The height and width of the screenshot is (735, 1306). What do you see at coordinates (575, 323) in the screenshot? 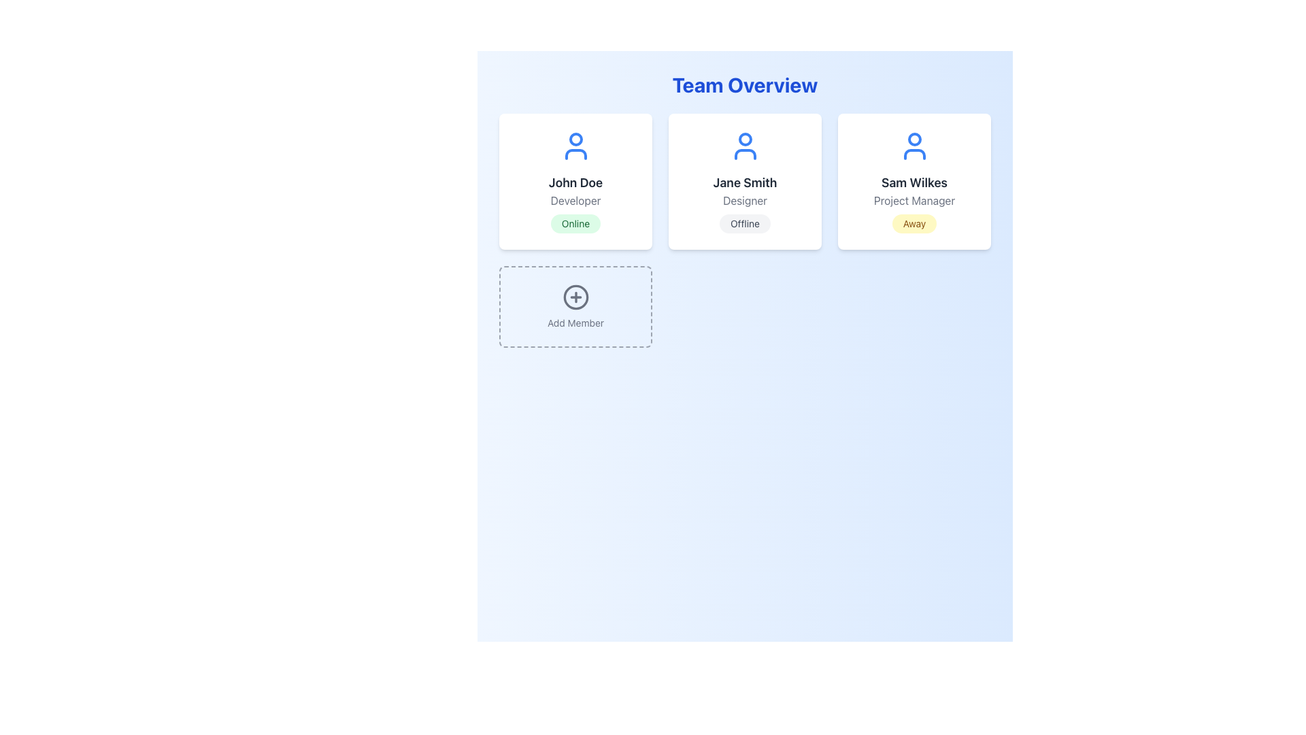
I see `the 'Add Member' text label, which is styled in muted gray and located at the bottom of the interactive area for adding a new member` at bounding box center [575, 323].